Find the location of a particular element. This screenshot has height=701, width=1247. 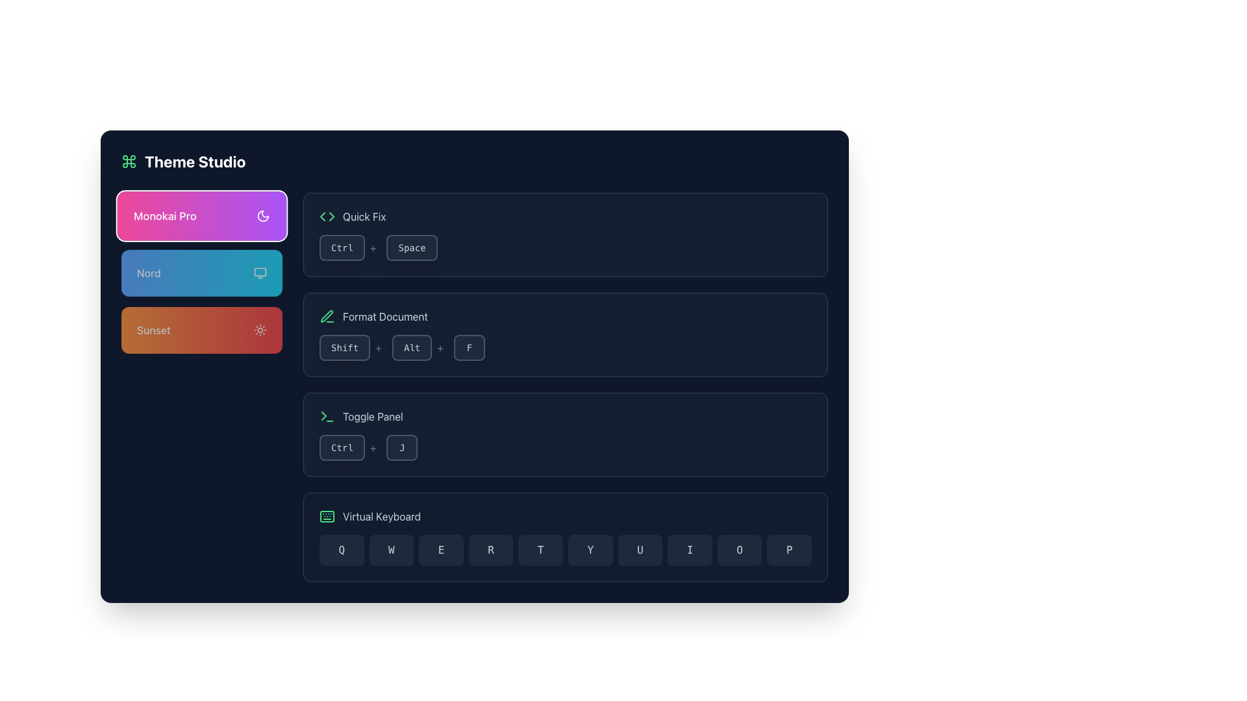

the green terminal icon featuring a right-pointing angle bracket and an underscore, which is located to the left of the 'Toggle Panel' text is located at coordinates (327, 416).